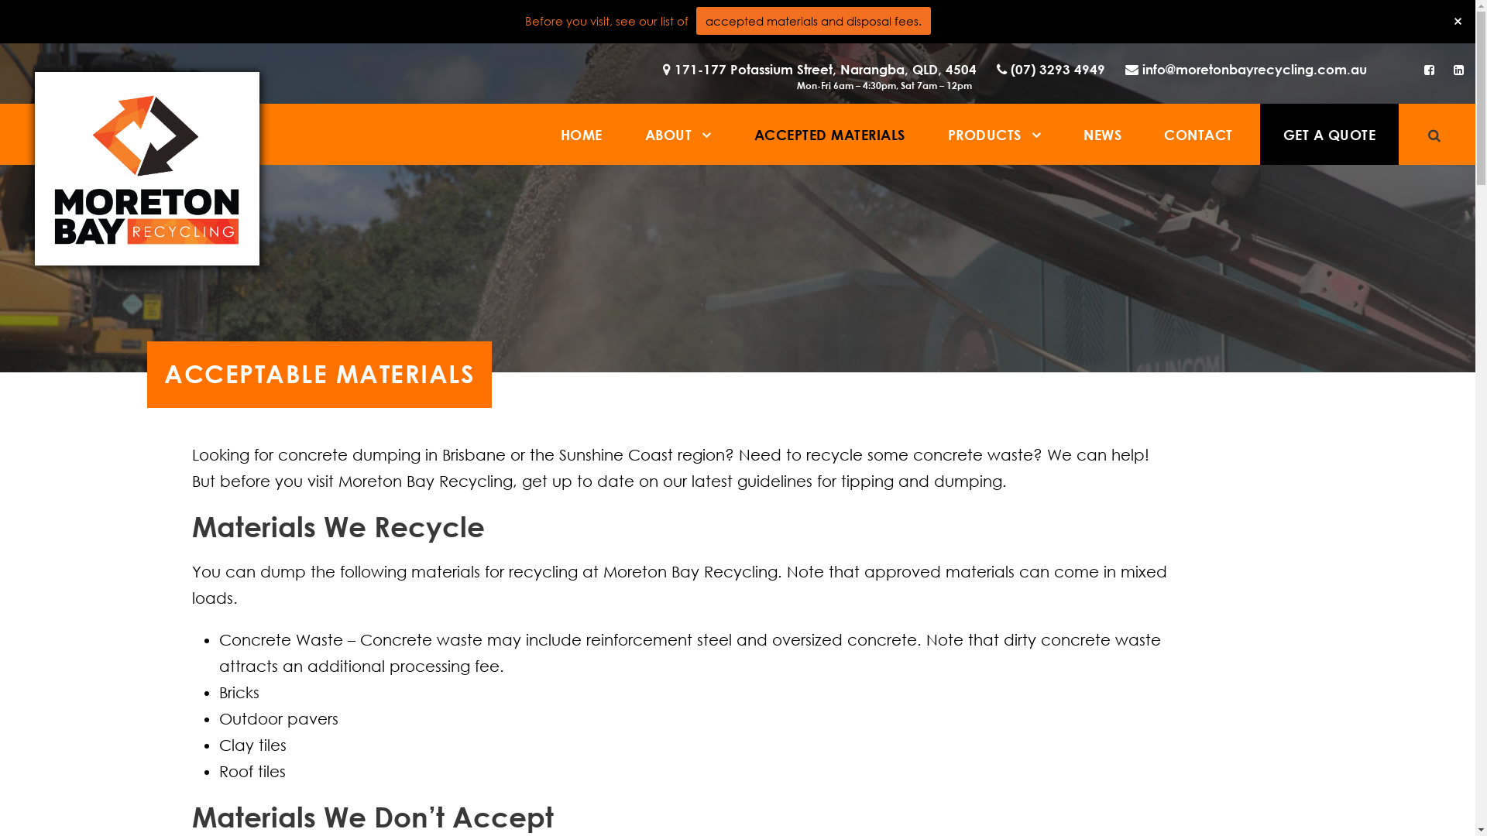 This screenshot has height=836, width=1487. Describe the element at coordinates (1423, 68) in the screenshot. I see `'facebook'` at that location.